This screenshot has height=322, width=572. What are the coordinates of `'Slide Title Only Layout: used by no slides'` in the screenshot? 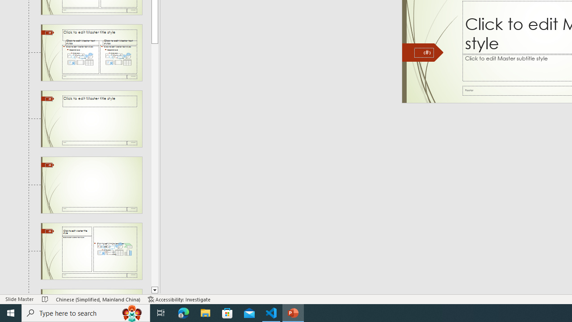 It's located at (91, 119).